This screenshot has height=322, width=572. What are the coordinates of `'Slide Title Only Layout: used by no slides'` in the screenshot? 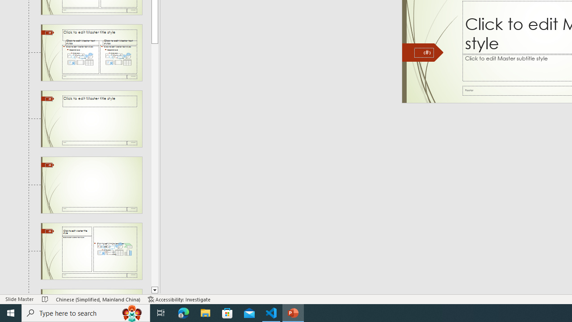 It's located at (91, 119).